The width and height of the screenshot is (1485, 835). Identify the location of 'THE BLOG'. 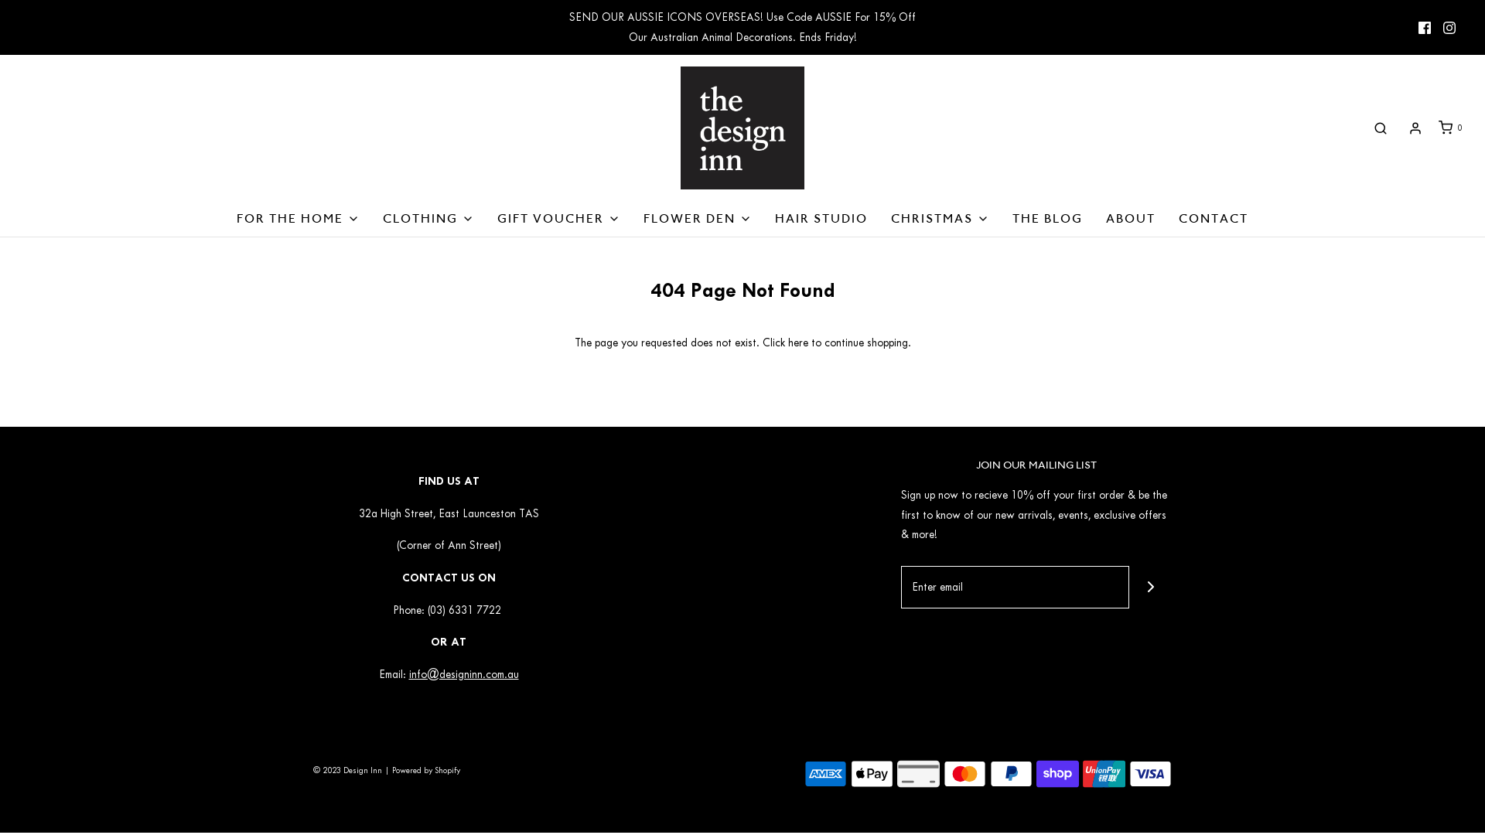
(1012, 218).